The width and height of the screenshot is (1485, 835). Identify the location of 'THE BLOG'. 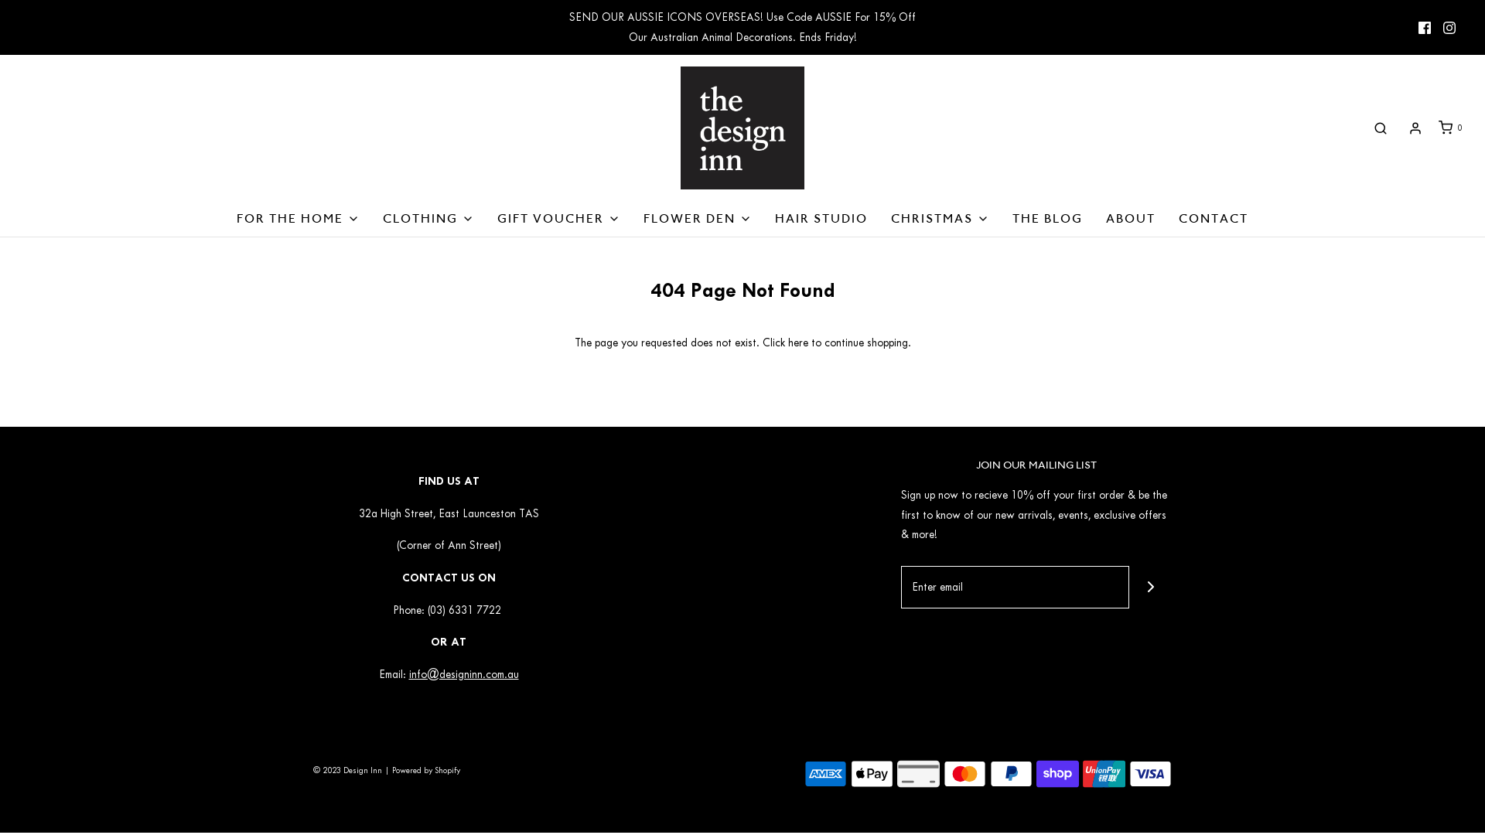
(1012, 218).